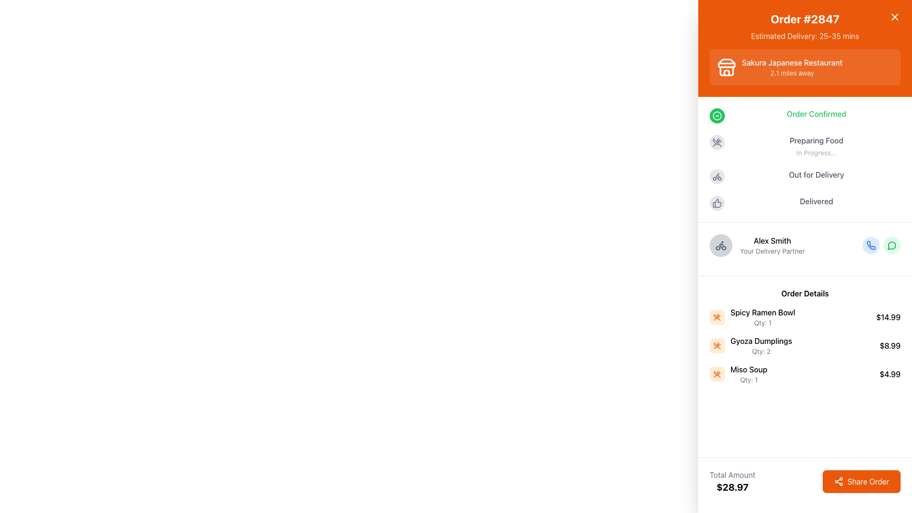 This screenshot has height=513, width=912. What do you see at coordinates (804, 36) in the screenshot?
I see `the label that displays the estimated delivery time for order #2847, located above the 'Sakura Japanese Restaurant' block on the right-hand side of the interface` at bounding box center [804, 36].